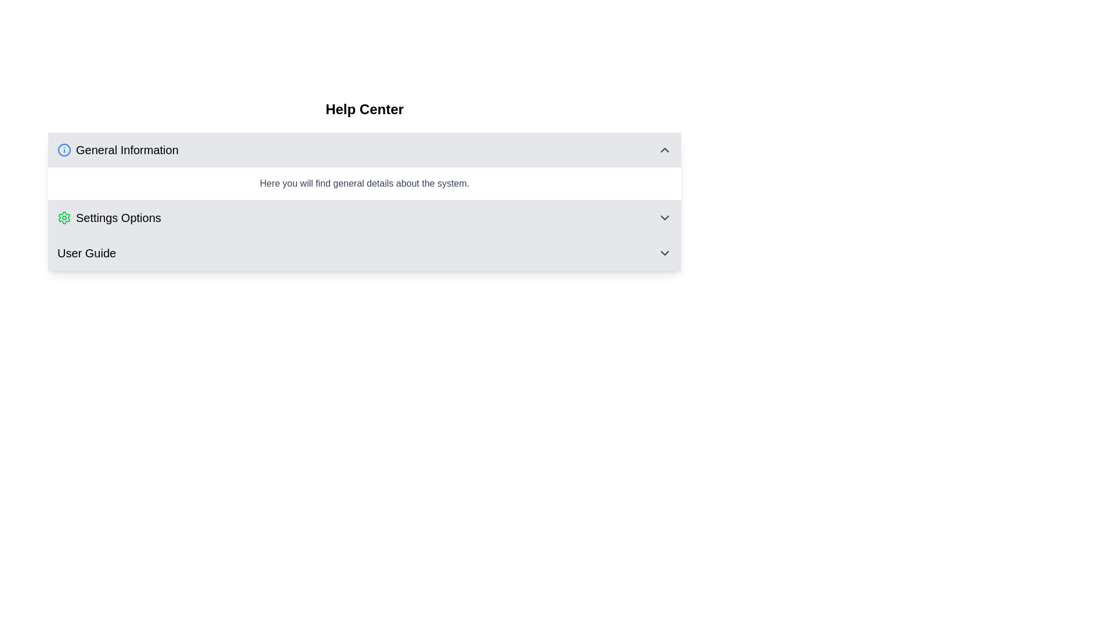  What do you see at coordinates (364, 217) in the screenshot?
I see `the second menu item in the 'Help Center' section, located between 'General Information' and 'User Guide'` at bounding box center [364, 217].